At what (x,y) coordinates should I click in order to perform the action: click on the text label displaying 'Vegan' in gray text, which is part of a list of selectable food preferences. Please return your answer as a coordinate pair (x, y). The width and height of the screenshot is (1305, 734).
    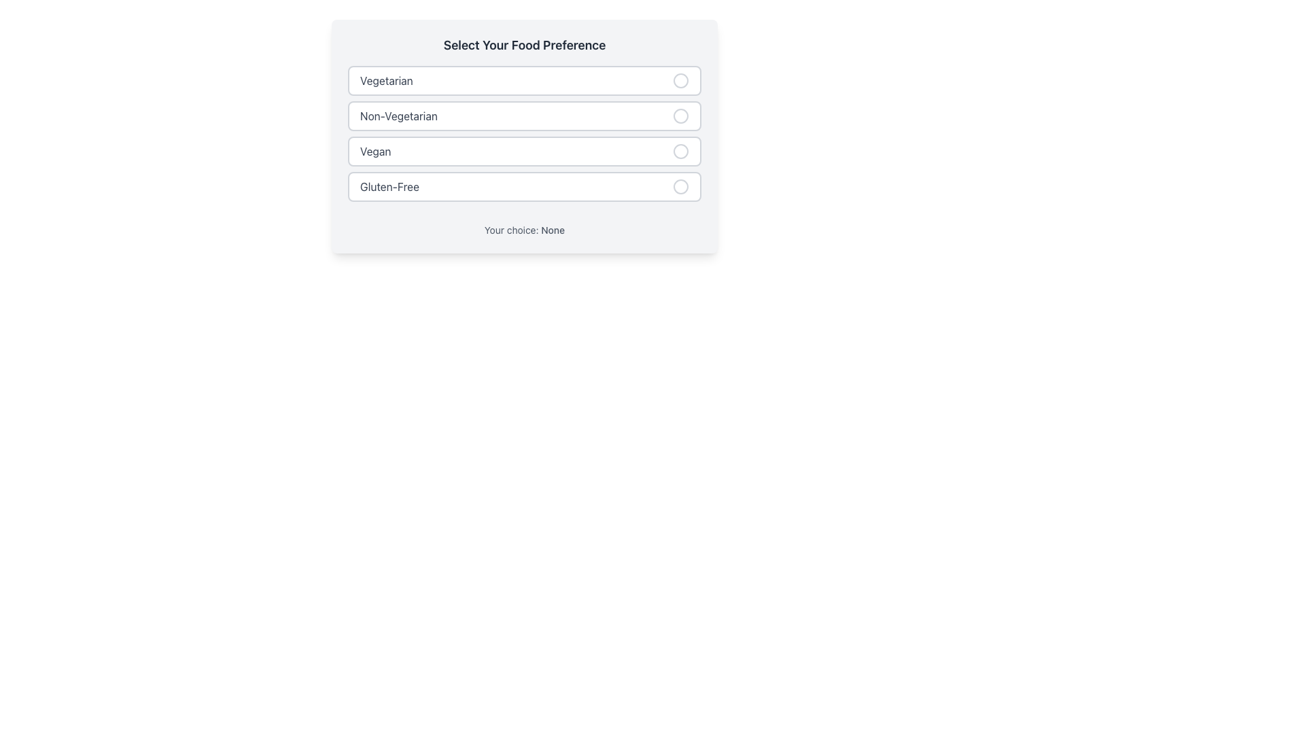
    Looking at the image, I should click on (375, 152).